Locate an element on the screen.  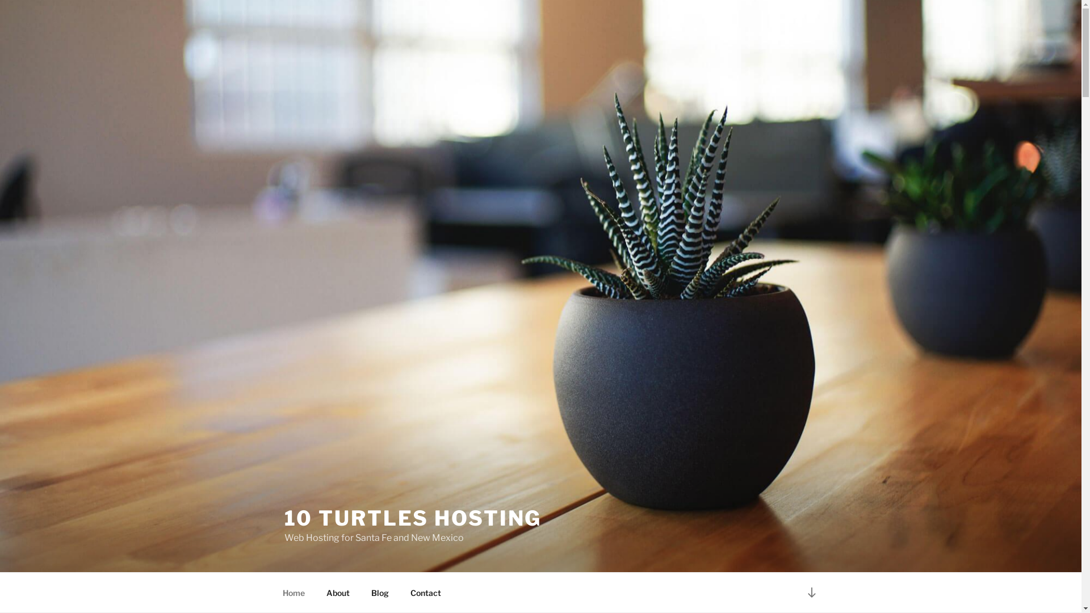
'Skip to content' is located at coordinates (0, 0).